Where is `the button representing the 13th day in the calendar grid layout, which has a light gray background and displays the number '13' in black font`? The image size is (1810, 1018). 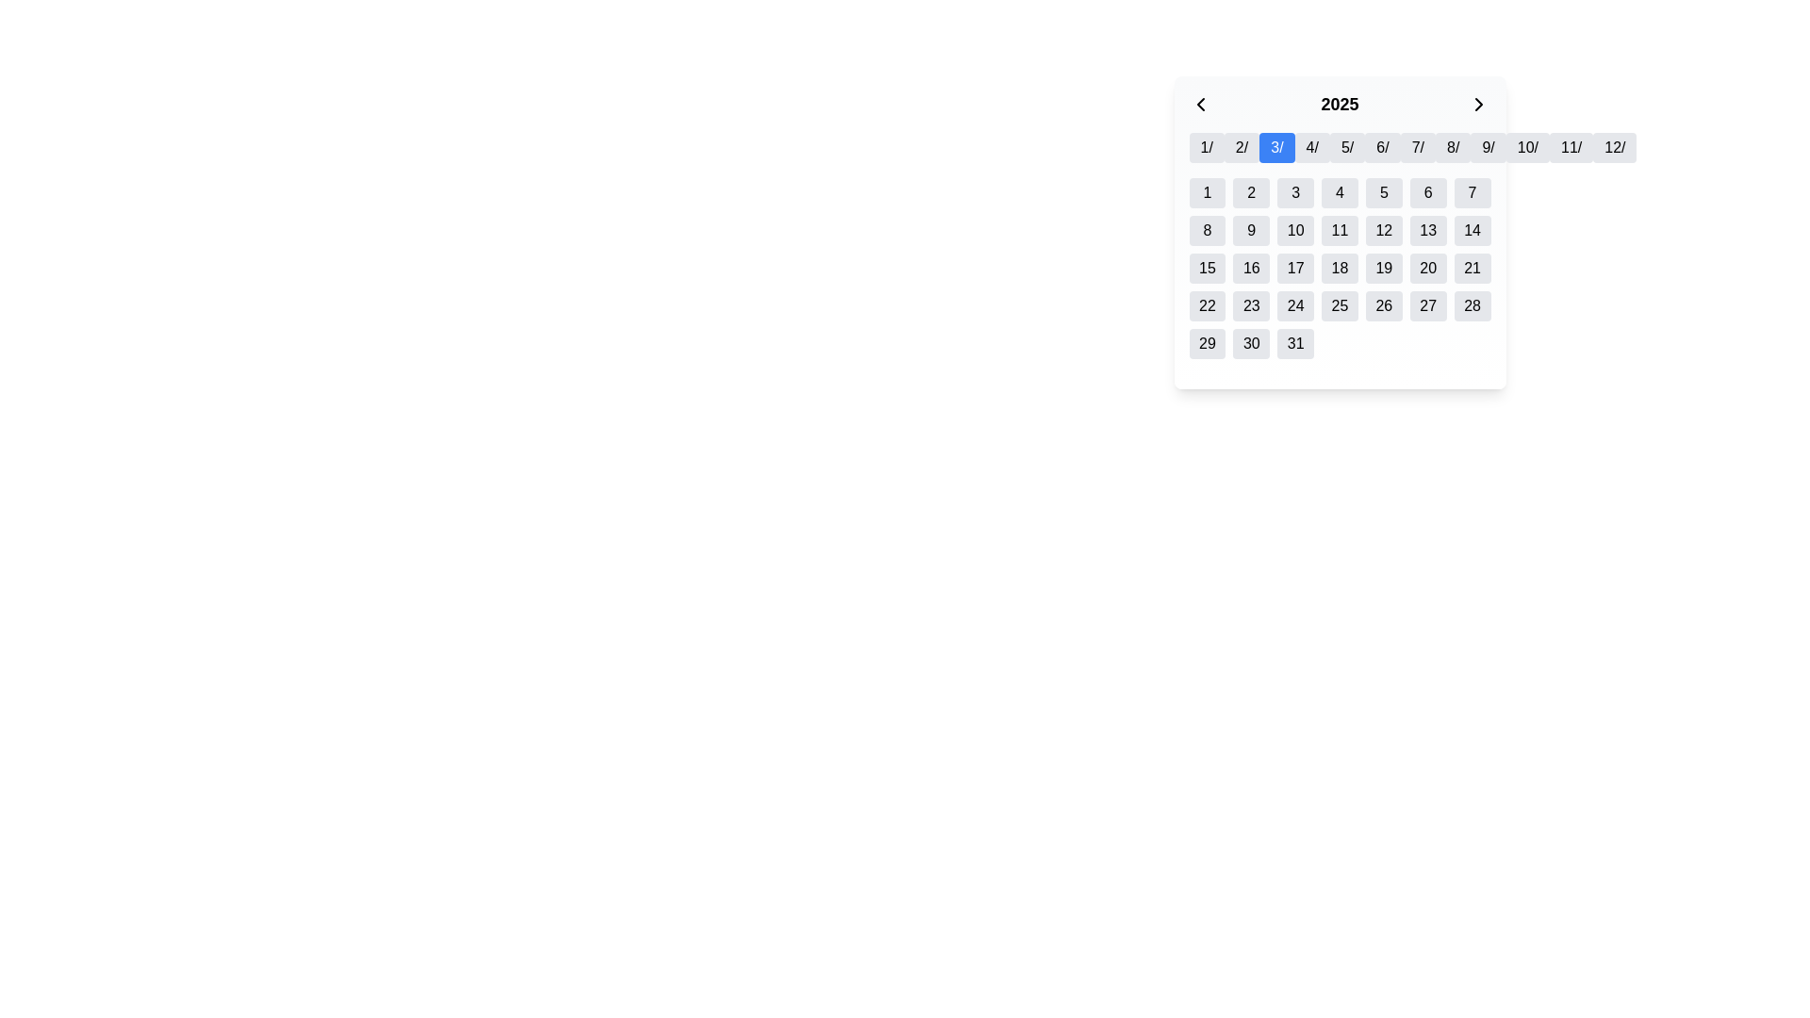 the button representing the 13th day in the calendar grid layout, which has a light gray background and displays the number '13' in black font is located at coordinates (1428, 230).